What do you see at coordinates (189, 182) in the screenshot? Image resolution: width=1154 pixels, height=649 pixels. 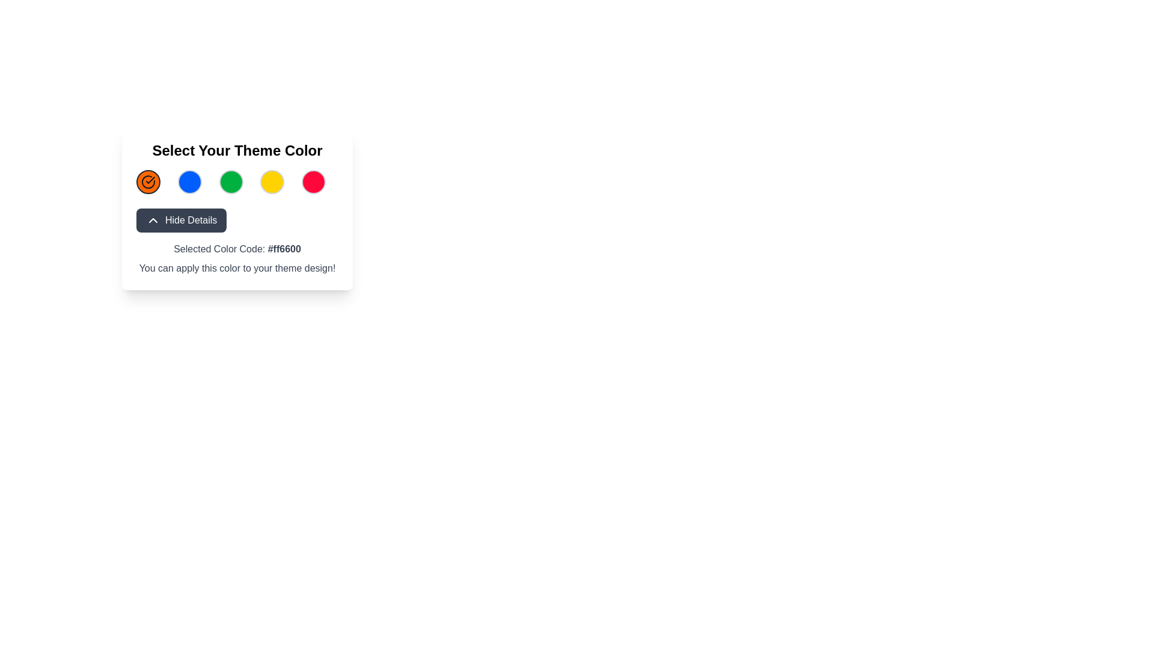 I see `the circular button with a blue background and gray border, which is the second item in a horizontal group of five buttons` at bounding box center [189, 182].